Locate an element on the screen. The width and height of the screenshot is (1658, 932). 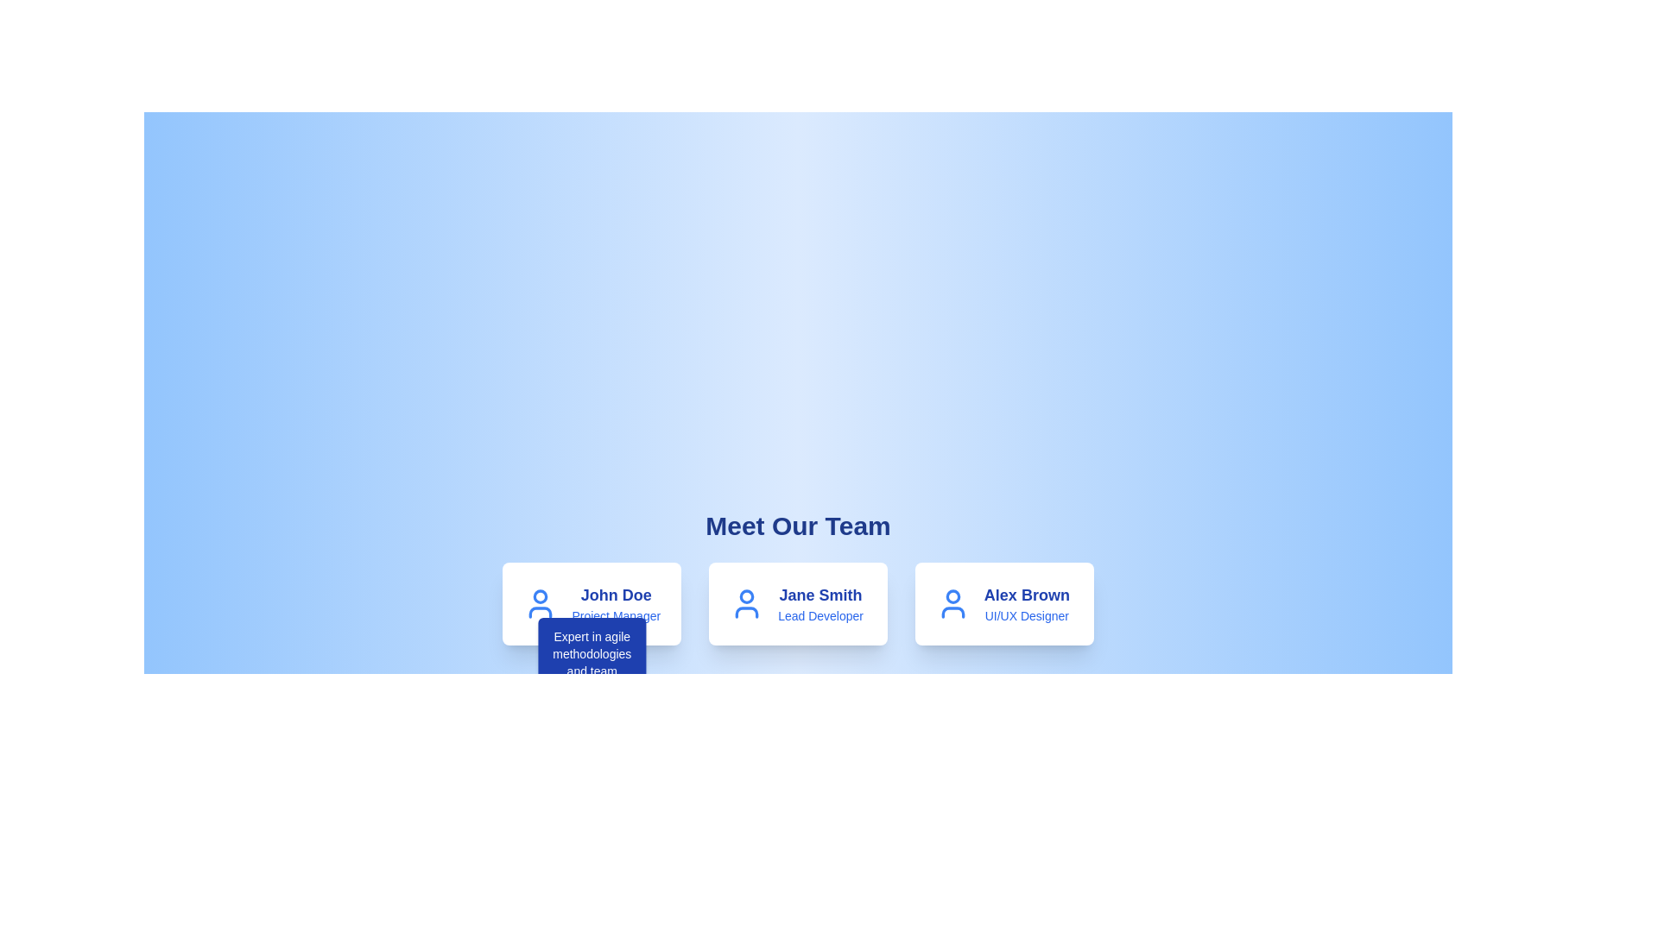
the profile card for 'Alex Brown', which indicates their role as a 'UI/UX Designer', located as the third card in a grid layout is located at coordinates (1004, 602).